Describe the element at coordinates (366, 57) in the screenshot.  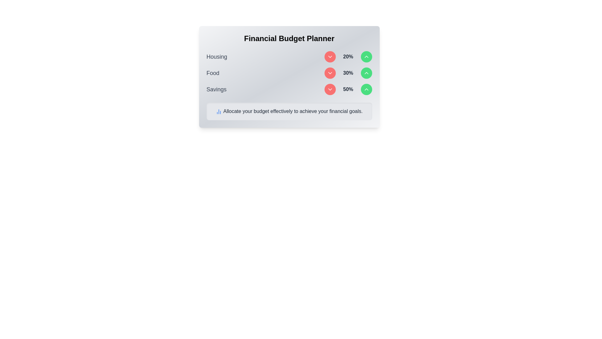
I see `the upward-facing chevron icon button, which is a white outline inside a circular green button, located in the rightmost column of the 'Savings' row in the interactive section` at that location.